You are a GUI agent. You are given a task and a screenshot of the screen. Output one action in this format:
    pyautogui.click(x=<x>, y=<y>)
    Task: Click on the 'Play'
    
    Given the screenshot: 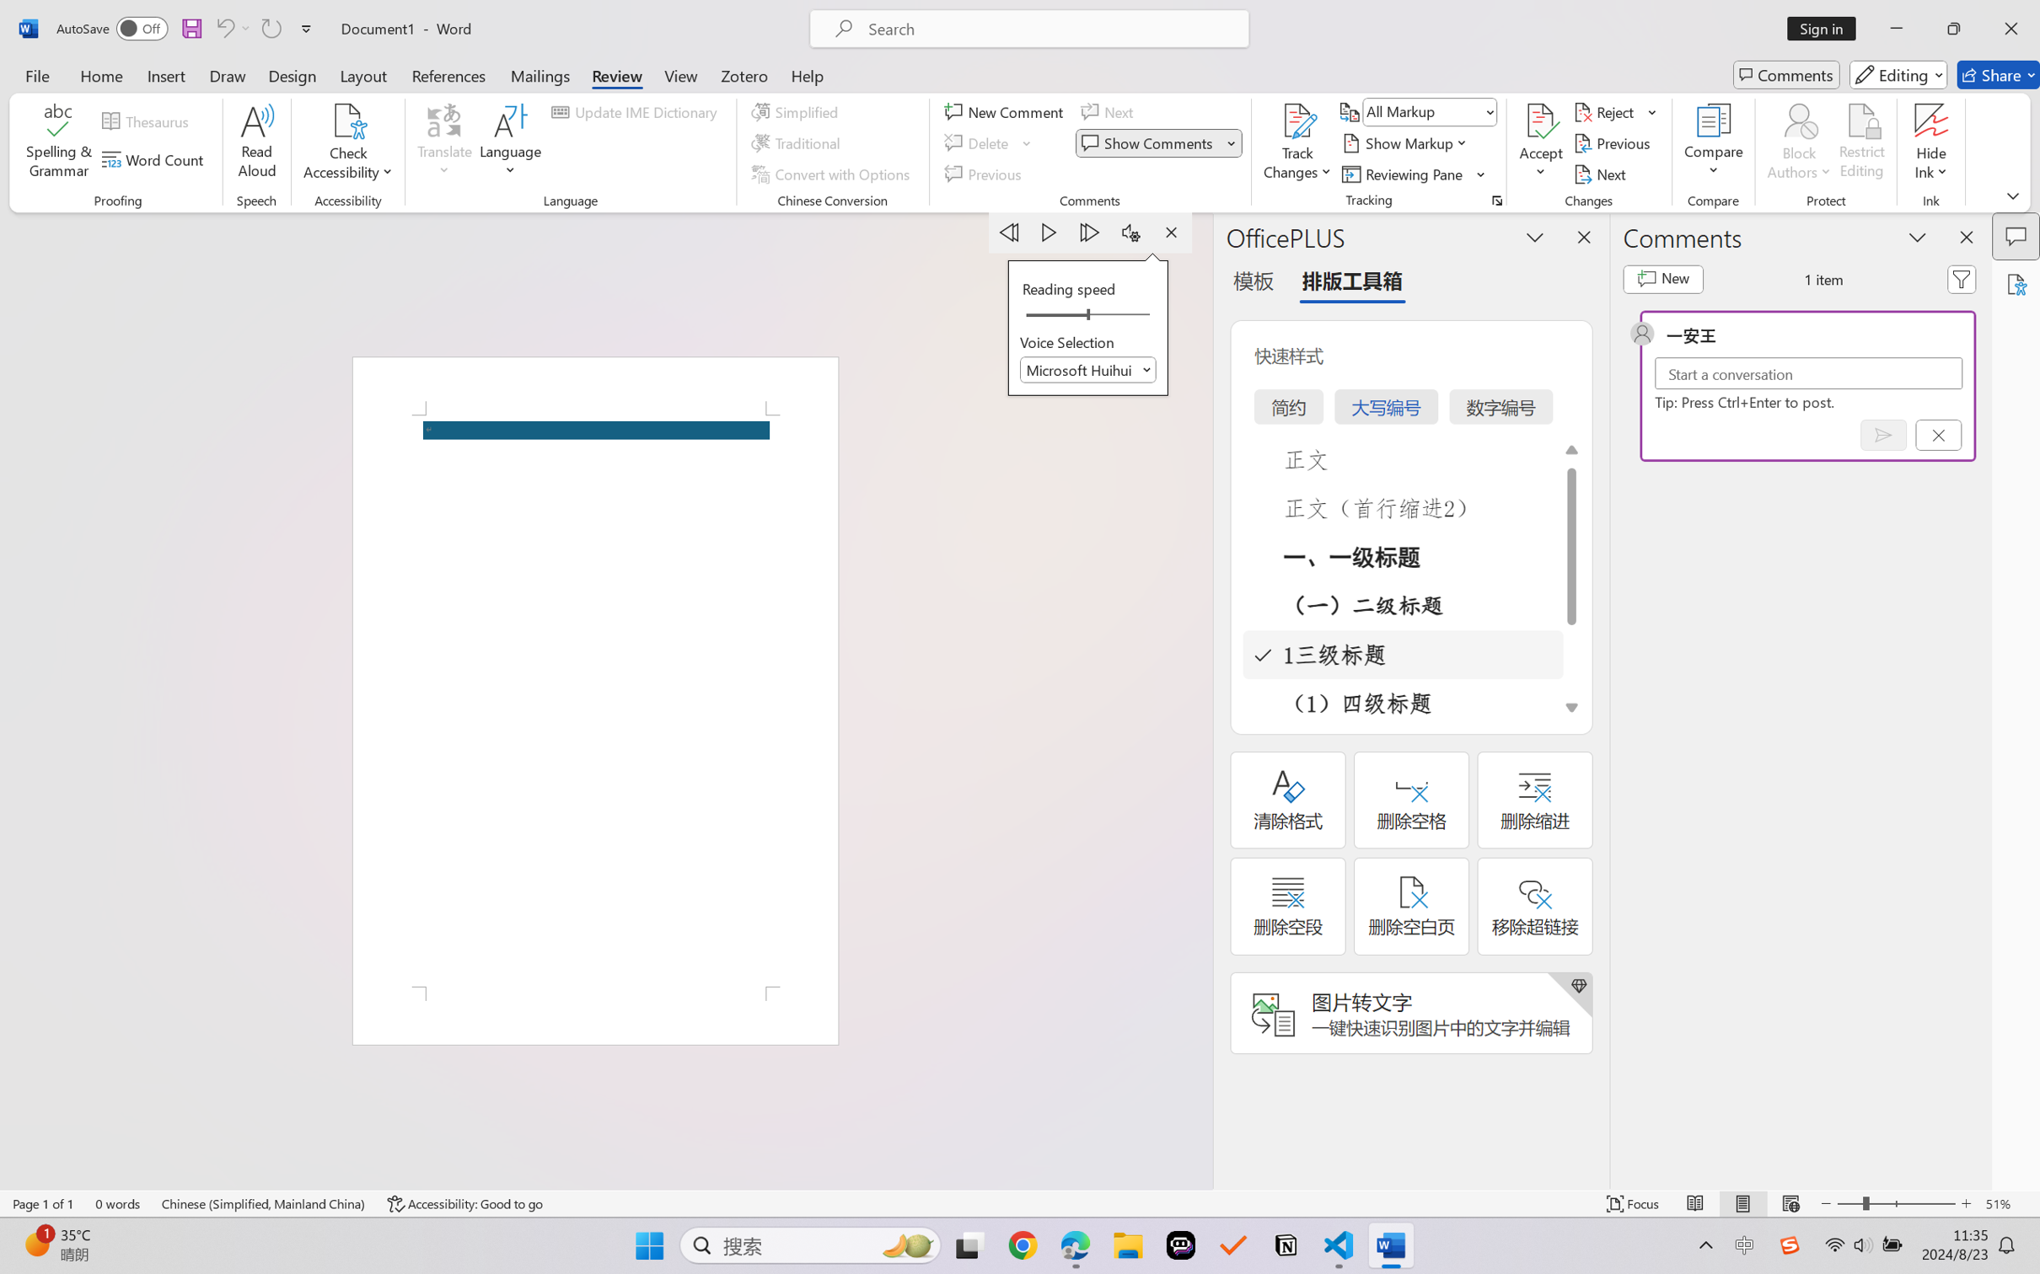 What is the action you would take?
    pyautogui.click(x=1050, y=232)
    